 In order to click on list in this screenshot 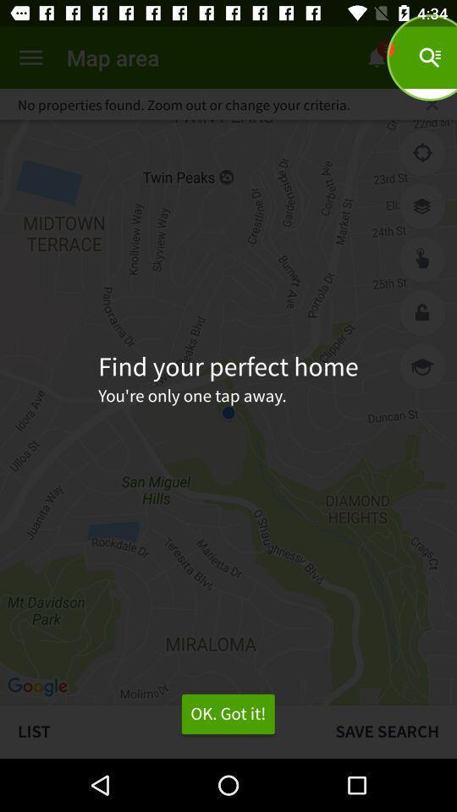, I will do `click(158, 731)`.